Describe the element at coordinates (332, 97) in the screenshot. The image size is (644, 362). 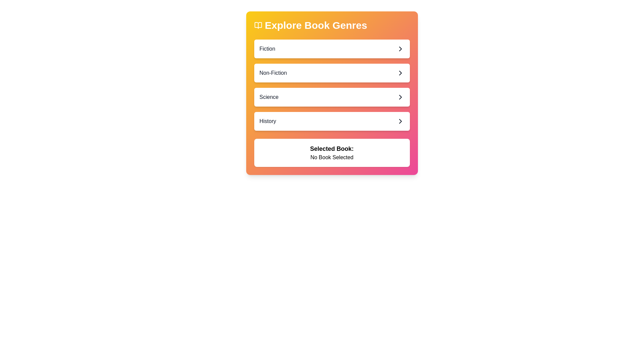
I see `the selectable list item for the book genre 'Science'` at that location.